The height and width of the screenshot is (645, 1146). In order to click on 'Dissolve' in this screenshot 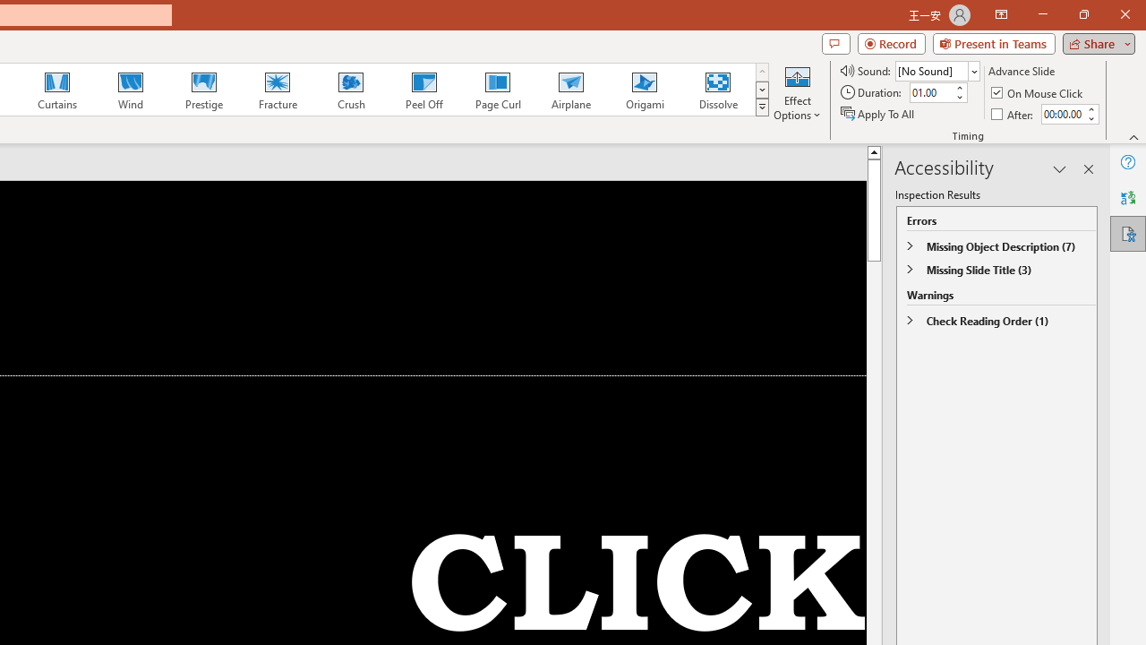, I will do `click(718, 90)`.